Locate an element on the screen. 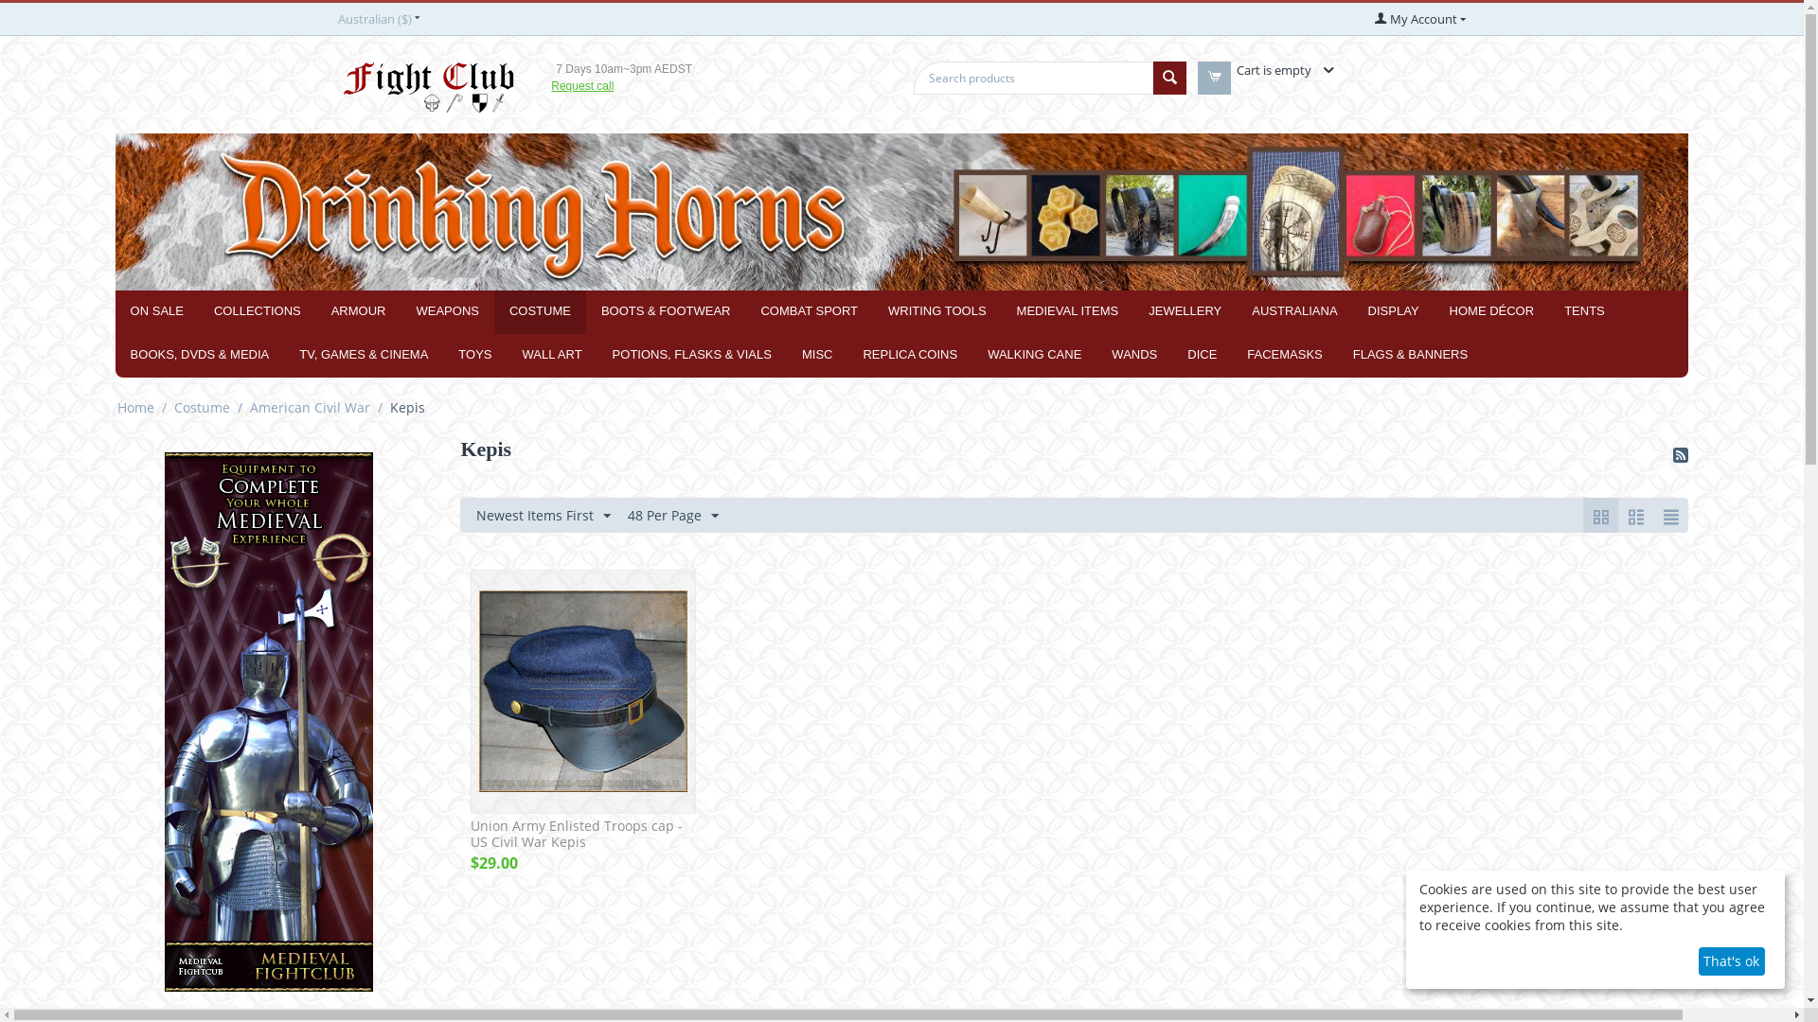 The image size is (1818, 1022). 'COLLECTIONS' is located at coordinates (257, 311).